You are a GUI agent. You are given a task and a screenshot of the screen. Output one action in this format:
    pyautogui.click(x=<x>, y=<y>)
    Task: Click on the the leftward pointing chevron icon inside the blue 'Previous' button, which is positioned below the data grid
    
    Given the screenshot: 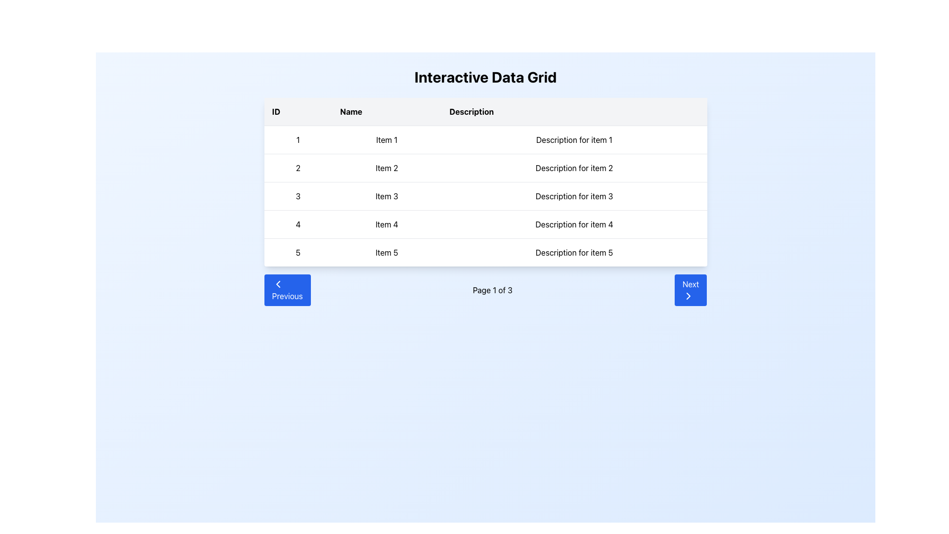 What is the action you would take?
    pyautogui.click(x=277, y=284)
    